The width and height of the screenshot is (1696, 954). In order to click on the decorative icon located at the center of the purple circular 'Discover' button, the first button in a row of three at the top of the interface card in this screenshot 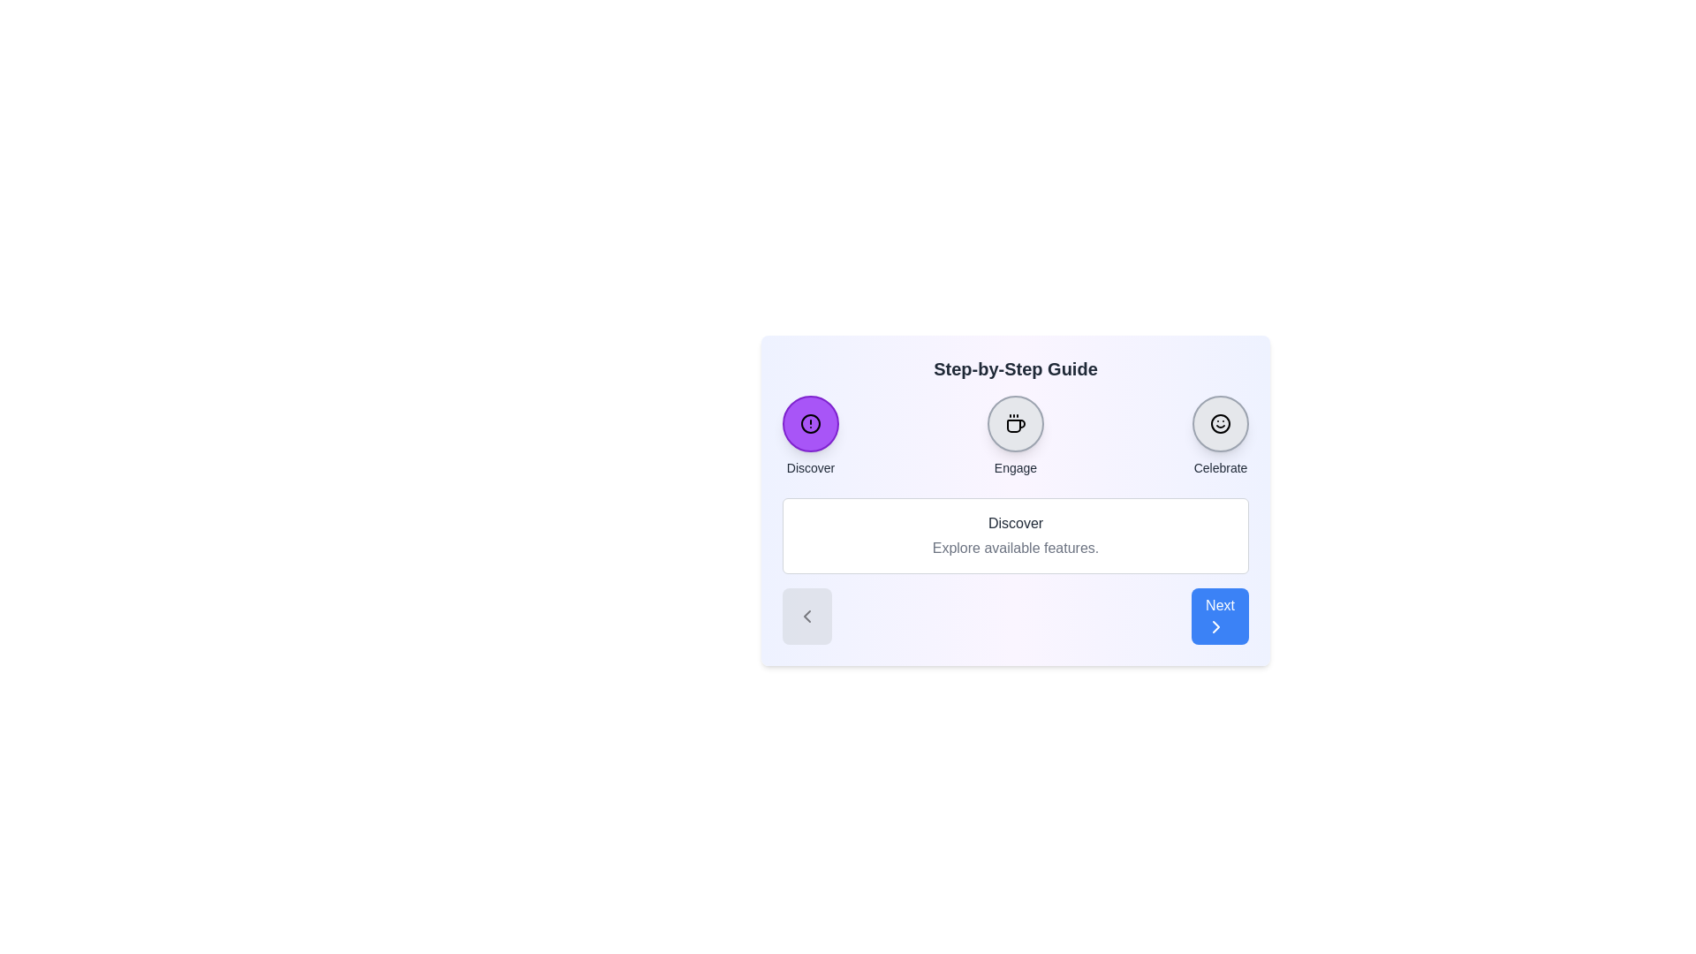, I will do `click(809, 423)`.